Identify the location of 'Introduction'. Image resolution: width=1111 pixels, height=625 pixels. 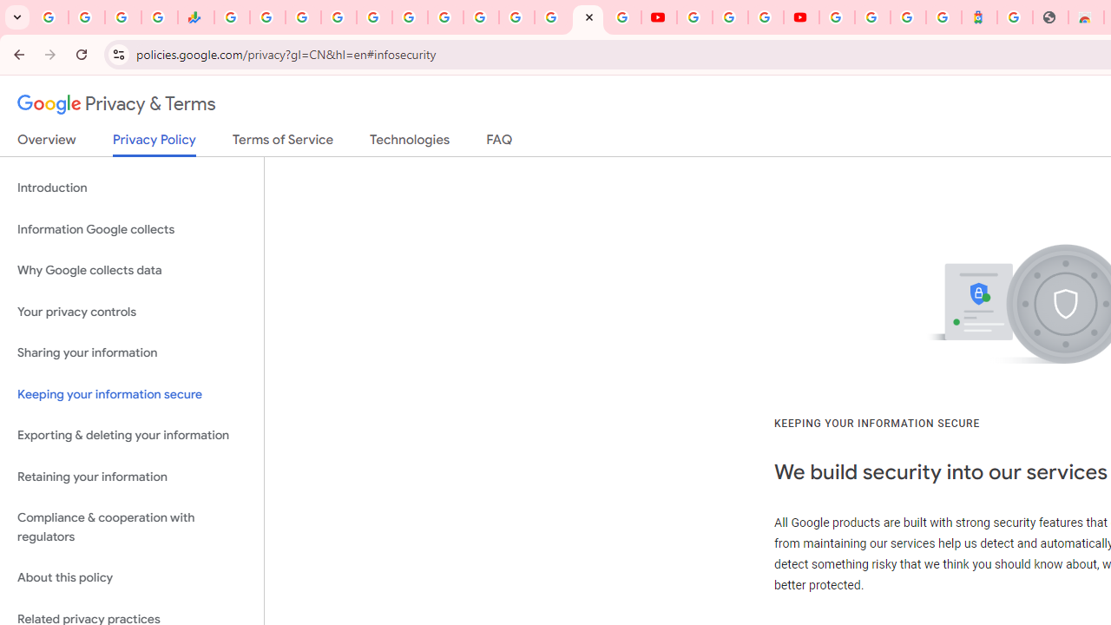
(131, 188).